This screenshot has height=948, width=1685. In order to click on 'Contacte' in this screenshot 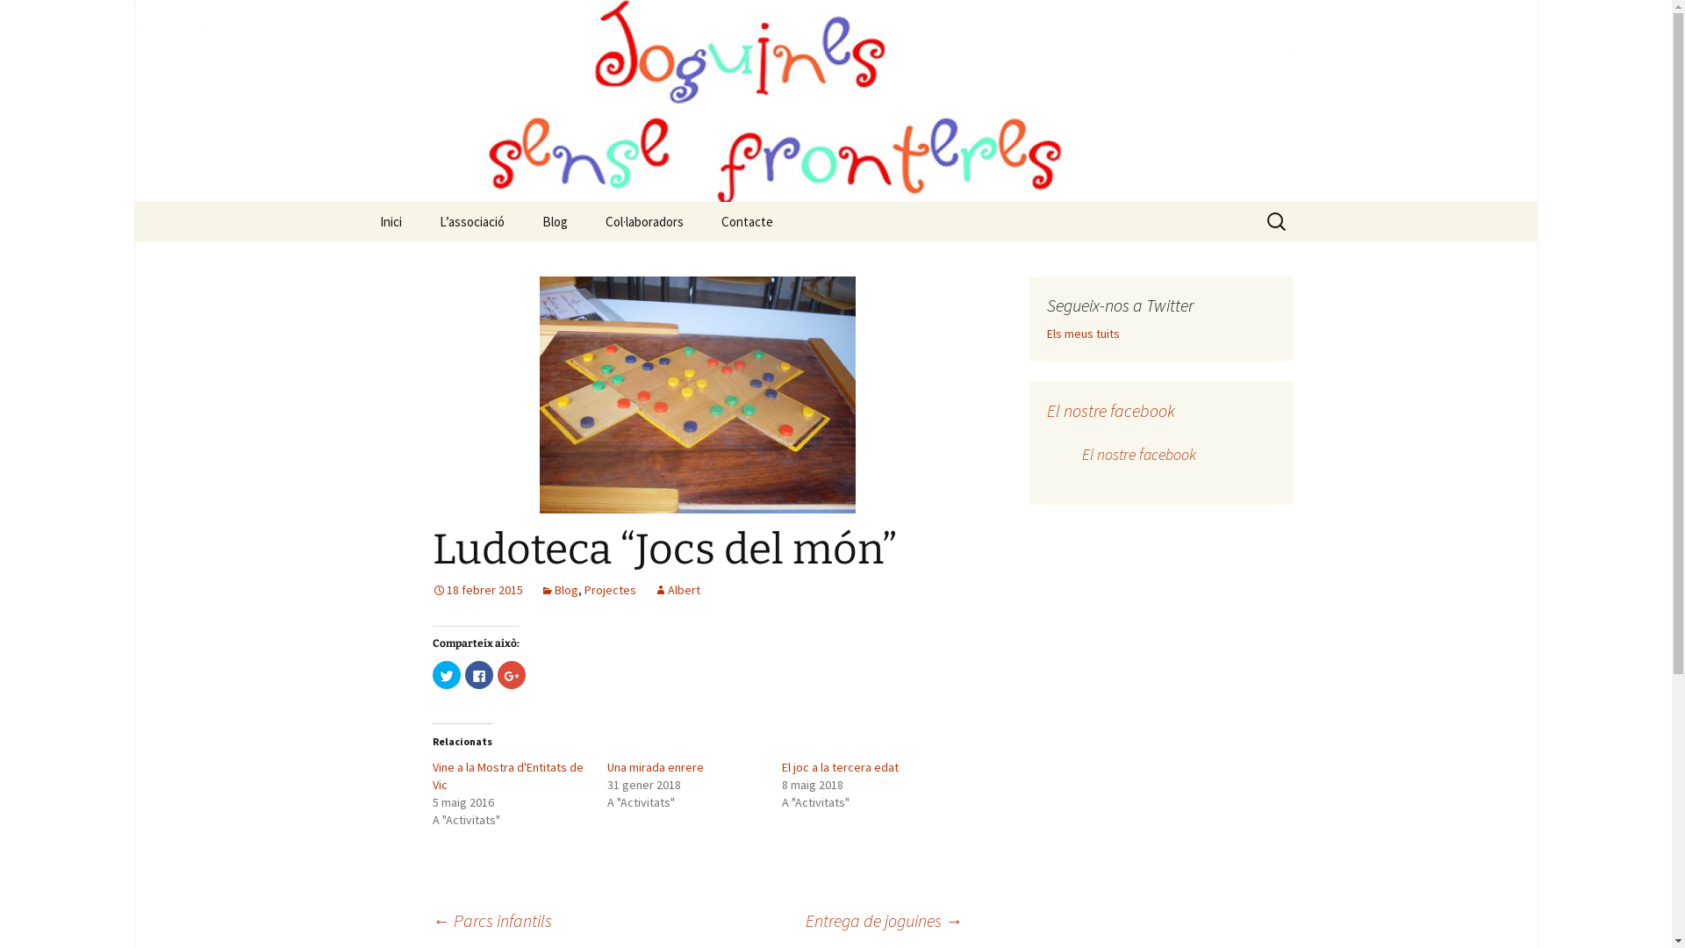, I will do `click(747, 220)`.